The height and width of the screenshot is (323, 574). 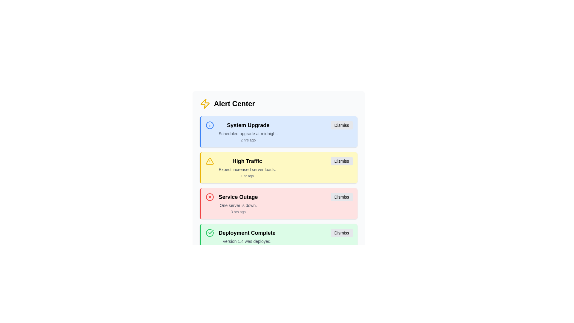 What do you see at coordinates (210, 233) in the screenshot?
I see `the green checkmark icon that indicates successful completion of the 'Deployment Complete' notification, located on the left side of the fourth notification in the list` at bounding box center [210, 233].